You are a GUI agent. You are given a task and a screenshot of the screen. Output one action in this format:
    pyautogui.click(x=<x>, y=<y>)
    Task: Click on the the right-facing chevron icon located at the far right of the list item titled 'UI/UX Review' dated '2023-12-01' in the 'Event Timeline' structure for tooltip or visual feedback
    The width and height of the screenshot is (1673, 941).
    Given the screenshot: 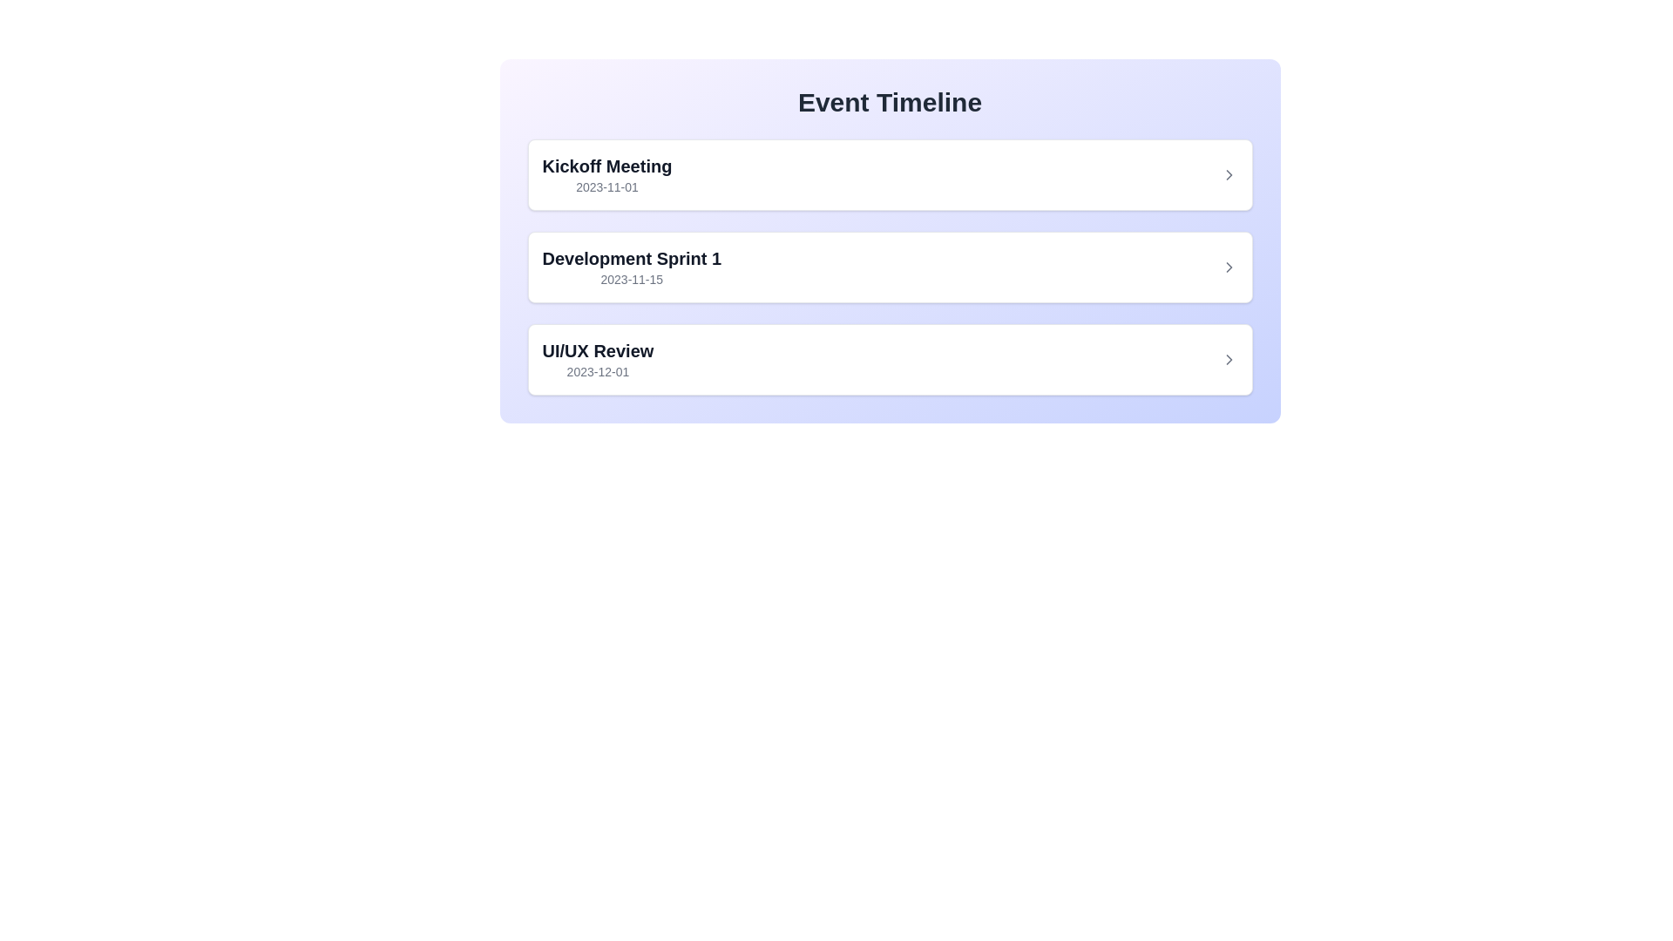 What is the action you would take?
    pyautogui.click(x=1228, y=358)
    